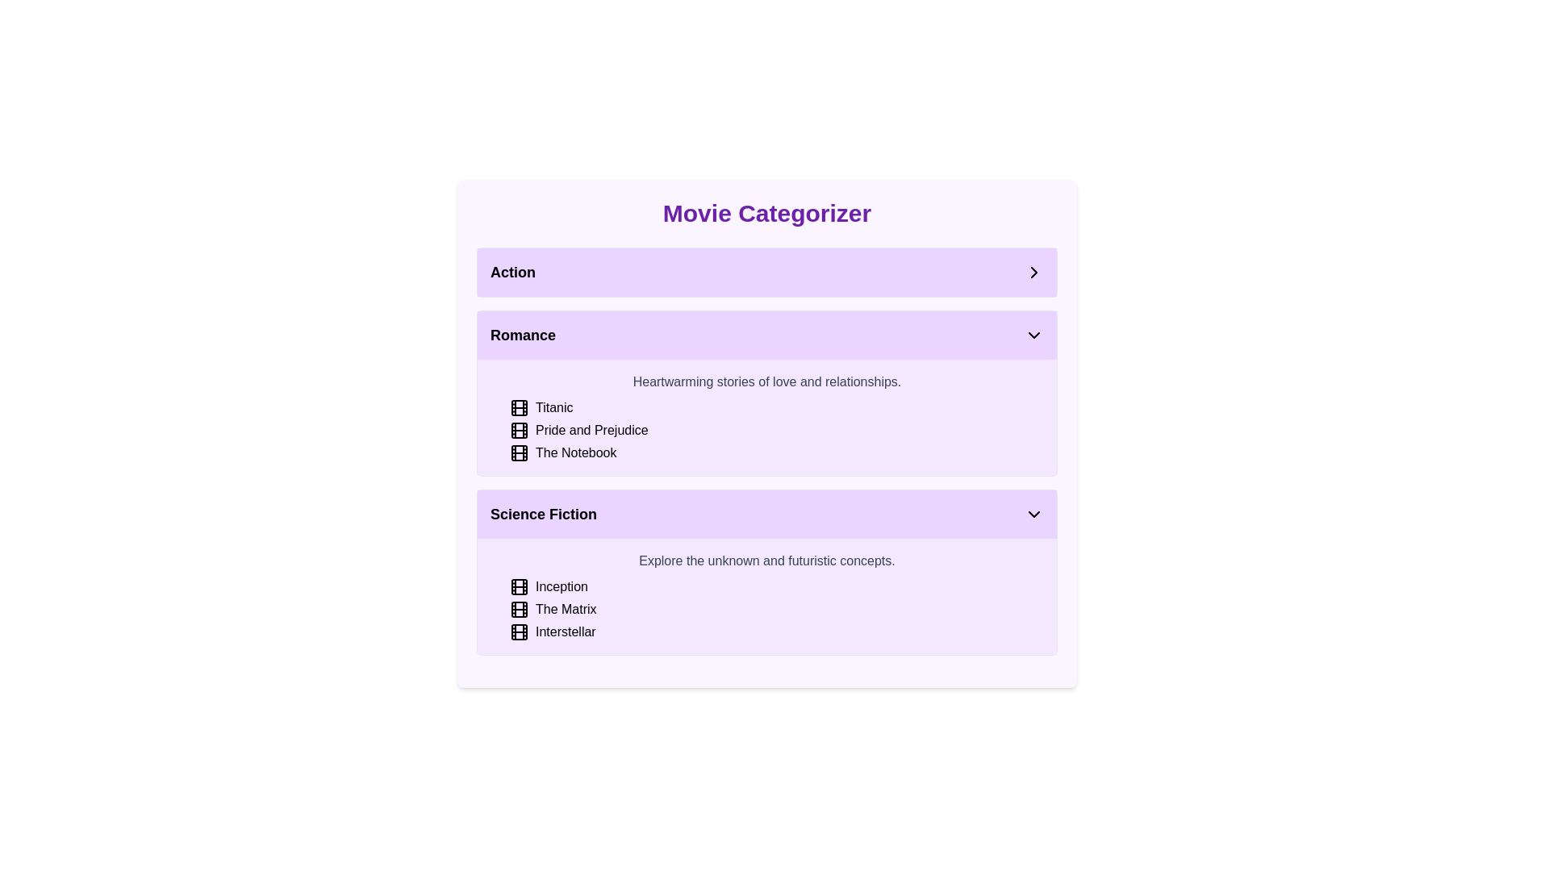 Image resolution: width=1549 pixels, height=871 pixels. I want to click on the film strip icon located to the left of the text 'Inception' in the 'Science Fiction' category list for informational purposes, so click(519, 587).